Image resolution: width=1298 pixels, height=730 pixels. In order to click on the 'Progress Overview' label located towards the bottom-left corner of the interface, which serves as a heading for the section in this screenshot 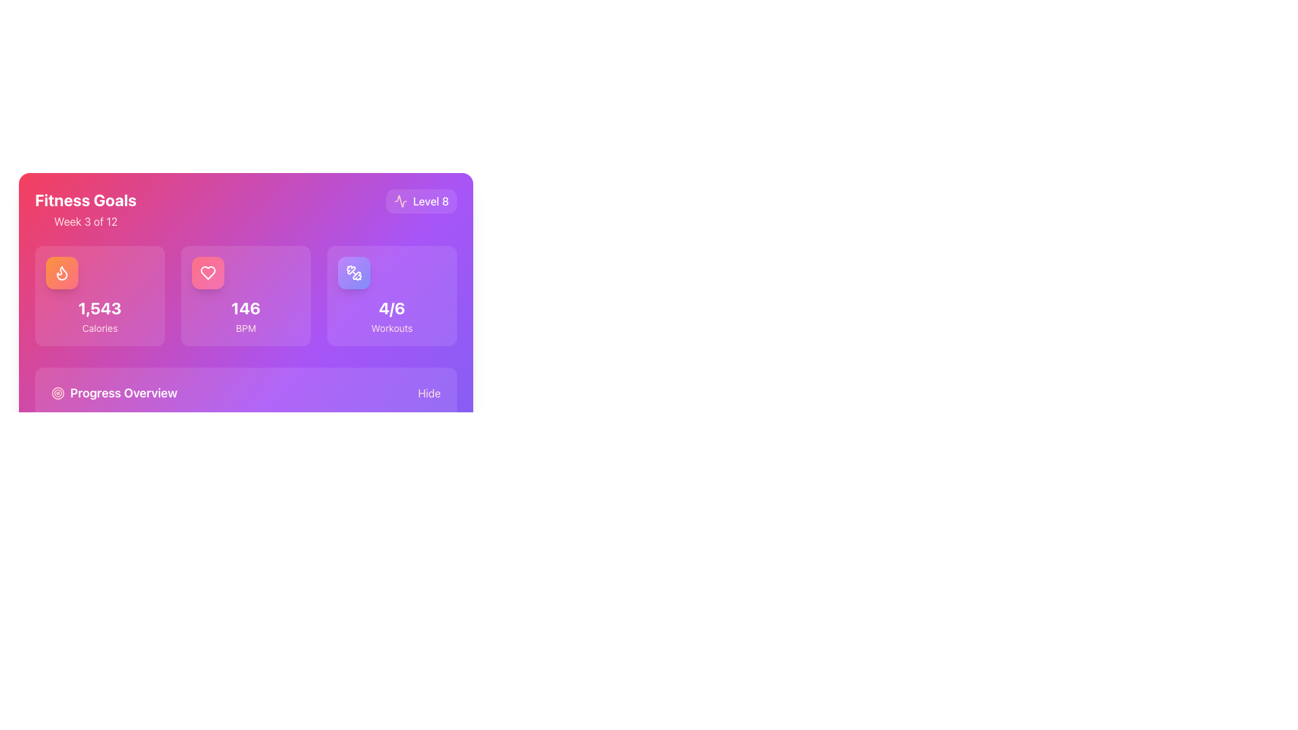, I will do `click(114, 393)`.